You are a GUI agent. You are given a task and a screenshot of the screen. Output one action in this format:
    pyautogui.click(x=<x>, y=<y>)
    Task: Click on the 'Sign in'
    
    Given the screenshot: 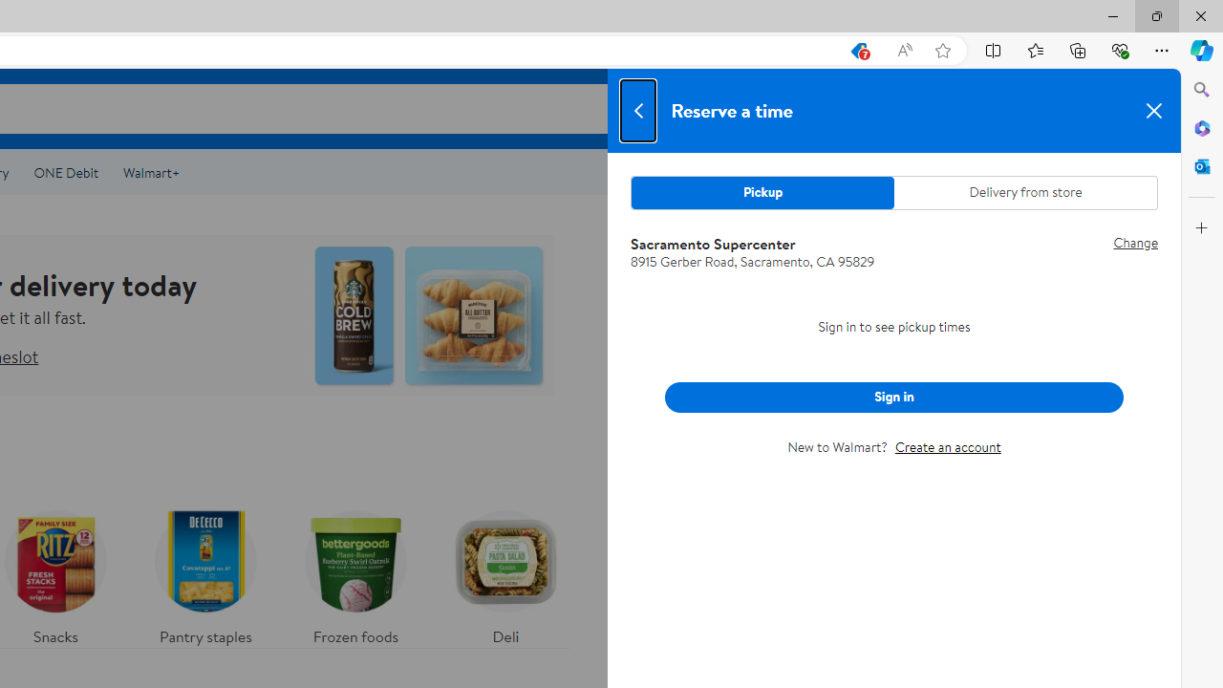 What is the action you would take?
    pyautogui.click(x=893, y=396)
    